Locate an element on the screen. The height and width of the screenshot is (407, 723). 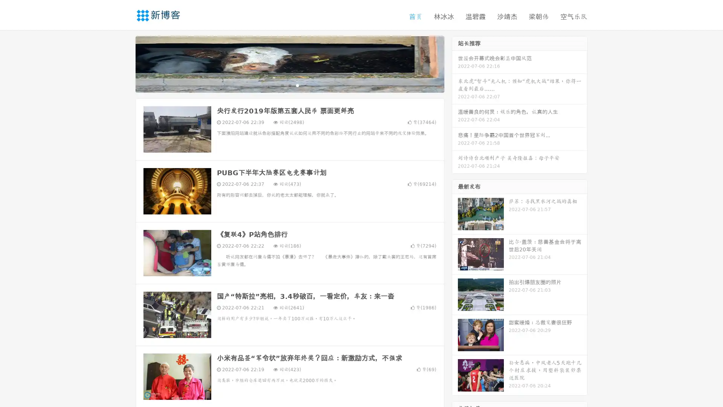
Previous slide is located at coordinates (124, 63).